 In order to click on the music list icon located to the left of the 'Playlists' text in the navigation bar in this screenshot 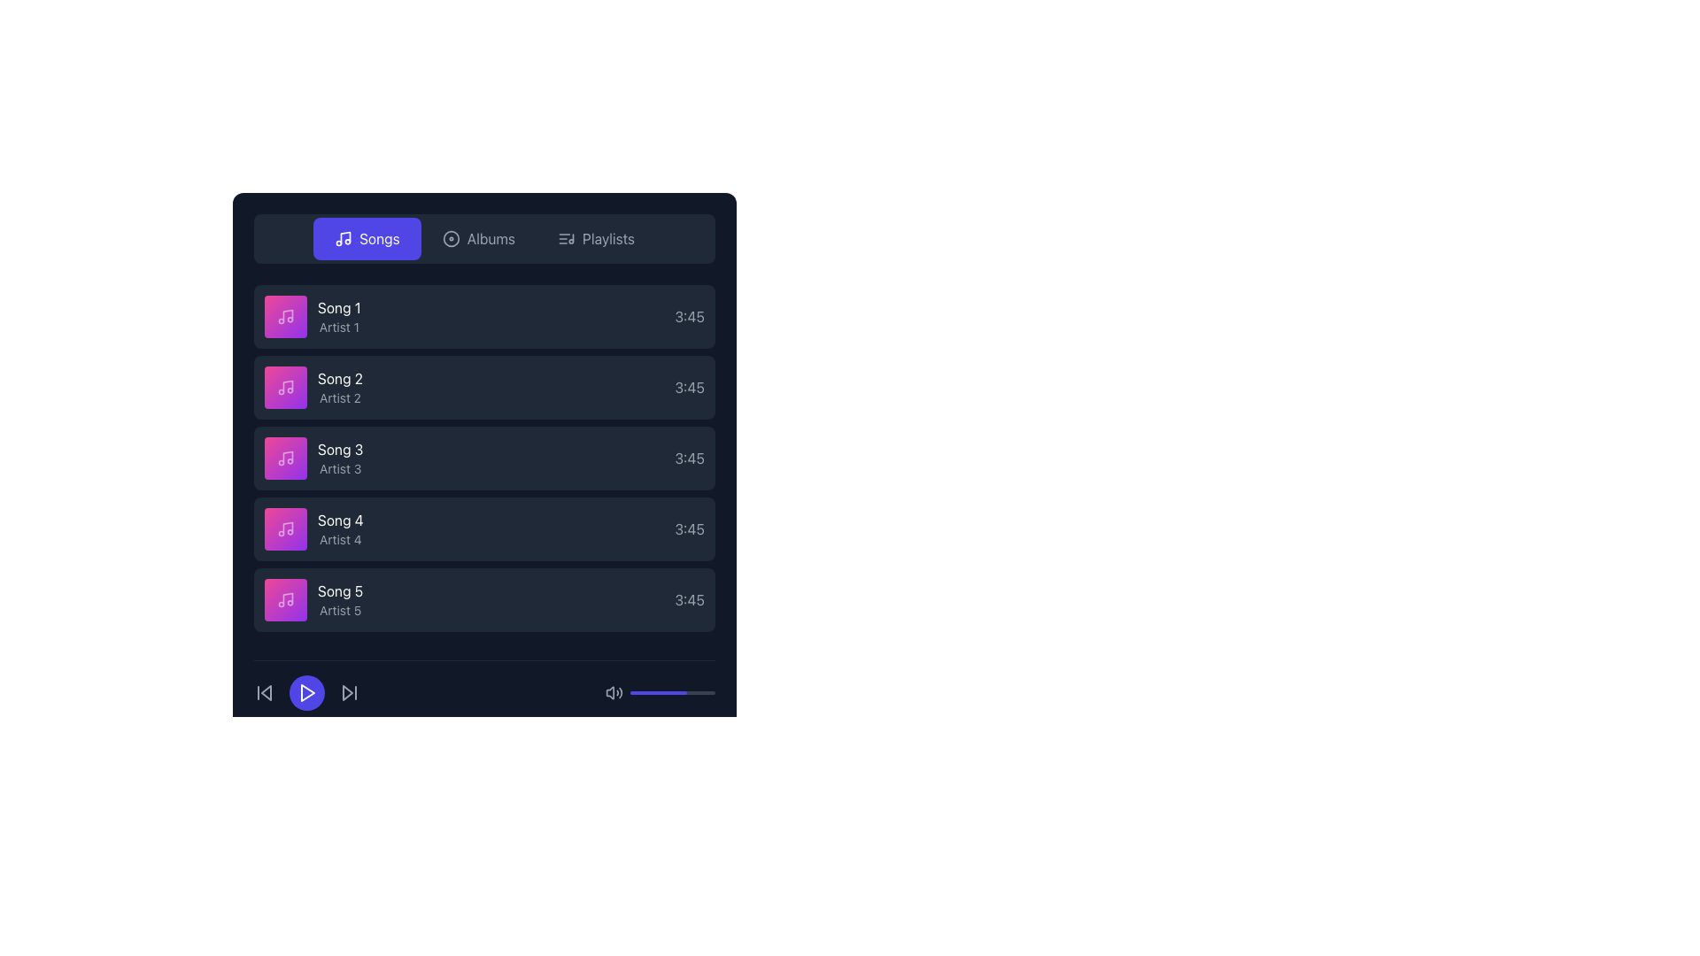, I will do `click(565, 239)`.